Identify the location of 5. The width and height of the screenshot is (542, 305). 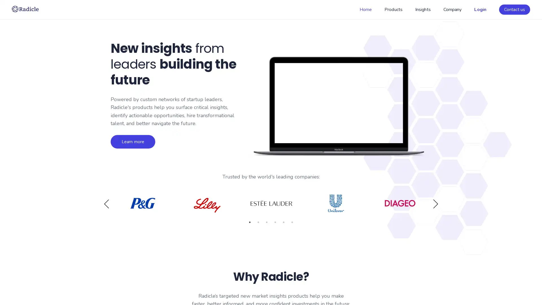
(283, 222).